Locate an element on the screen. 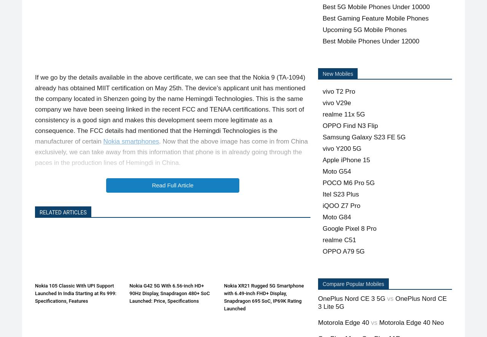  'New Mobiles' is located at coordinates (337, 73).